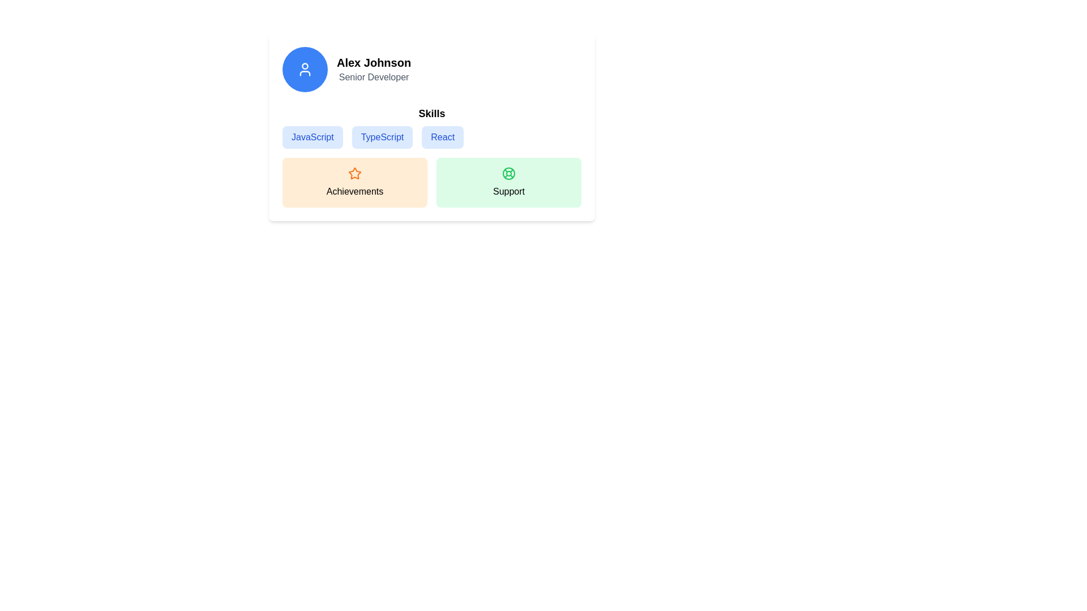 Image resolution: width=1087 pixels, height=611 pixels. What do you see at coordinates (431, 127) in the screenshot?
I see `the 'React' button, which is the third button in the row beneath the 'Skills' label` at bounding box center [431, 127].